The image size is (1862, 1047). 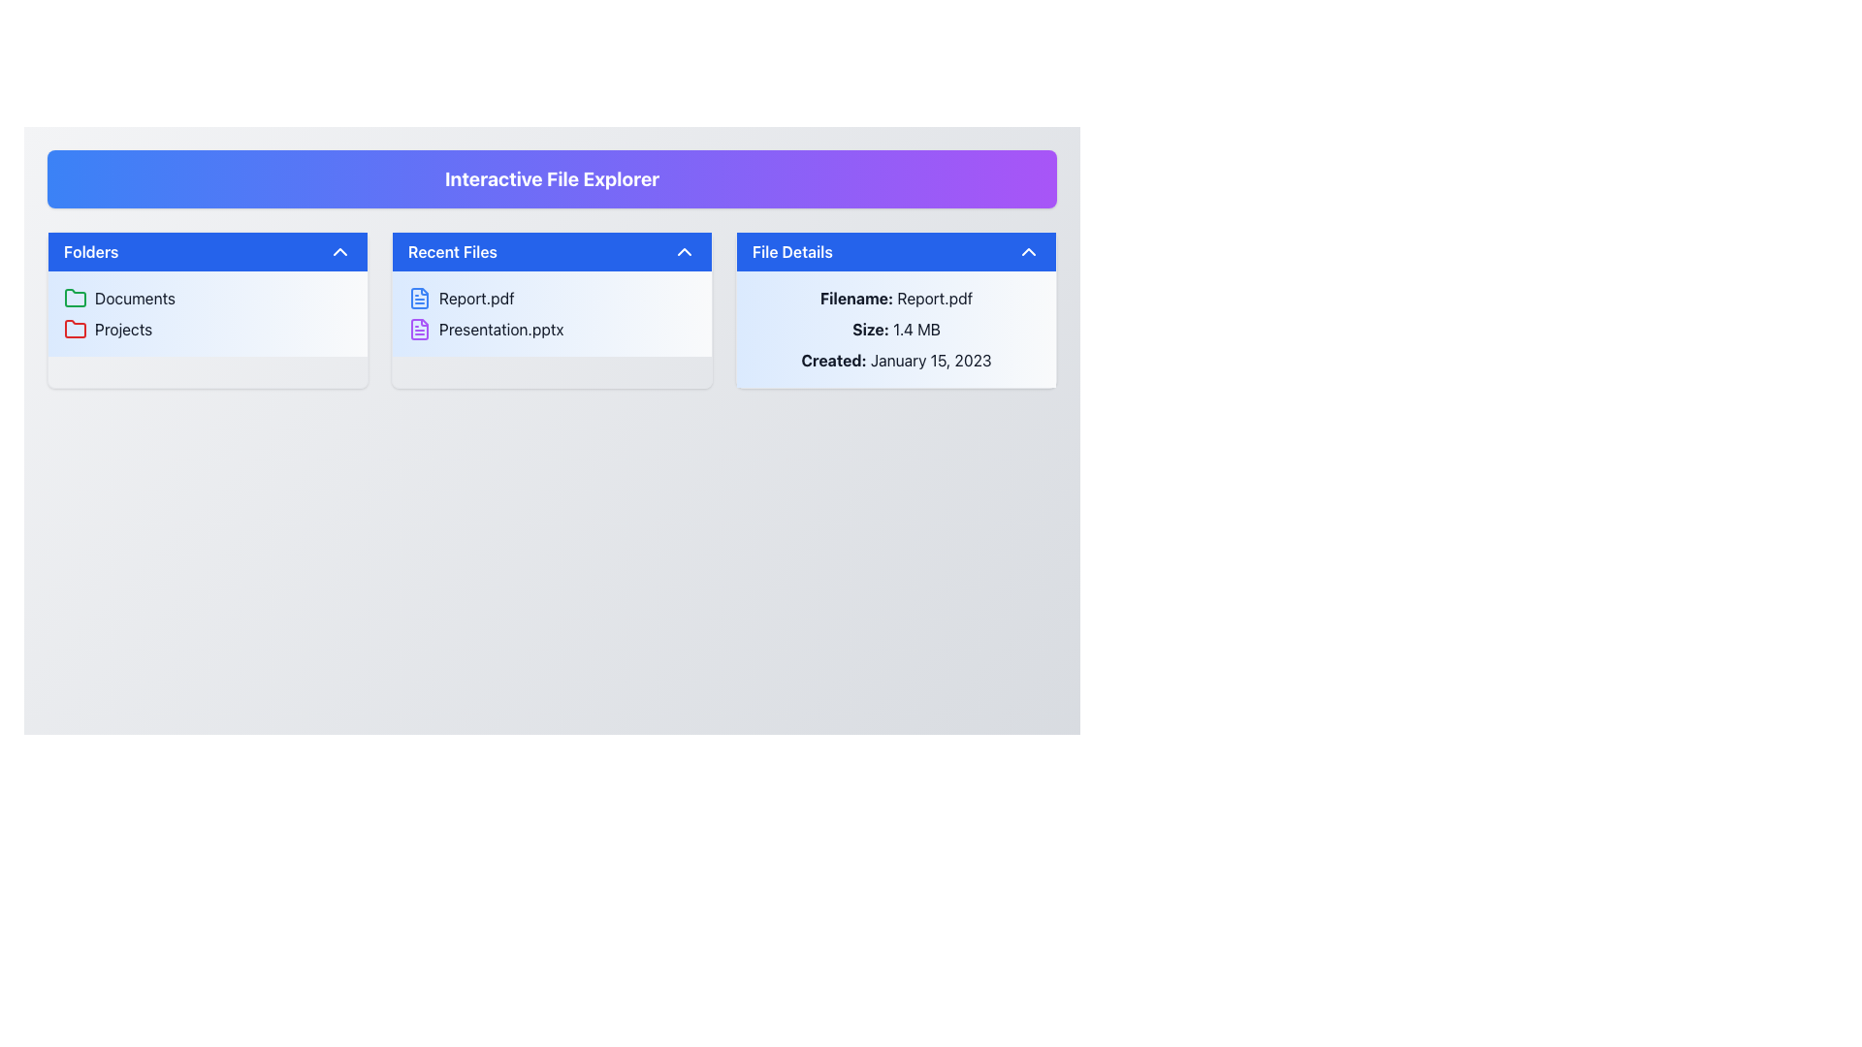 I want to click on the icon representing the file 'Report.pdf' located to the left of the text in the 'Recent Files' panel, so click(x=418, y=299).